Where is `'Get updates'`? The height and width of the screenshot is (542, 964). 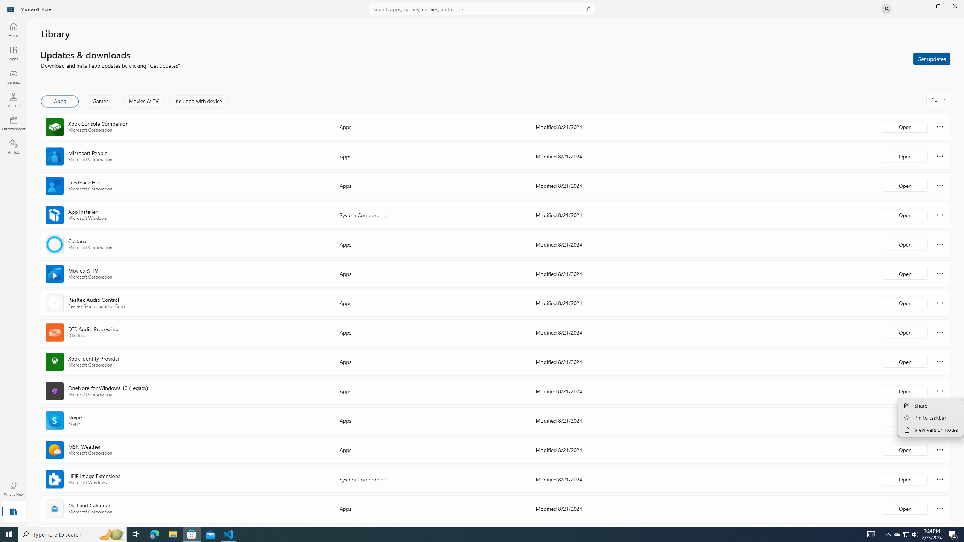
'Get updates' is located at coordinates (932, 58).